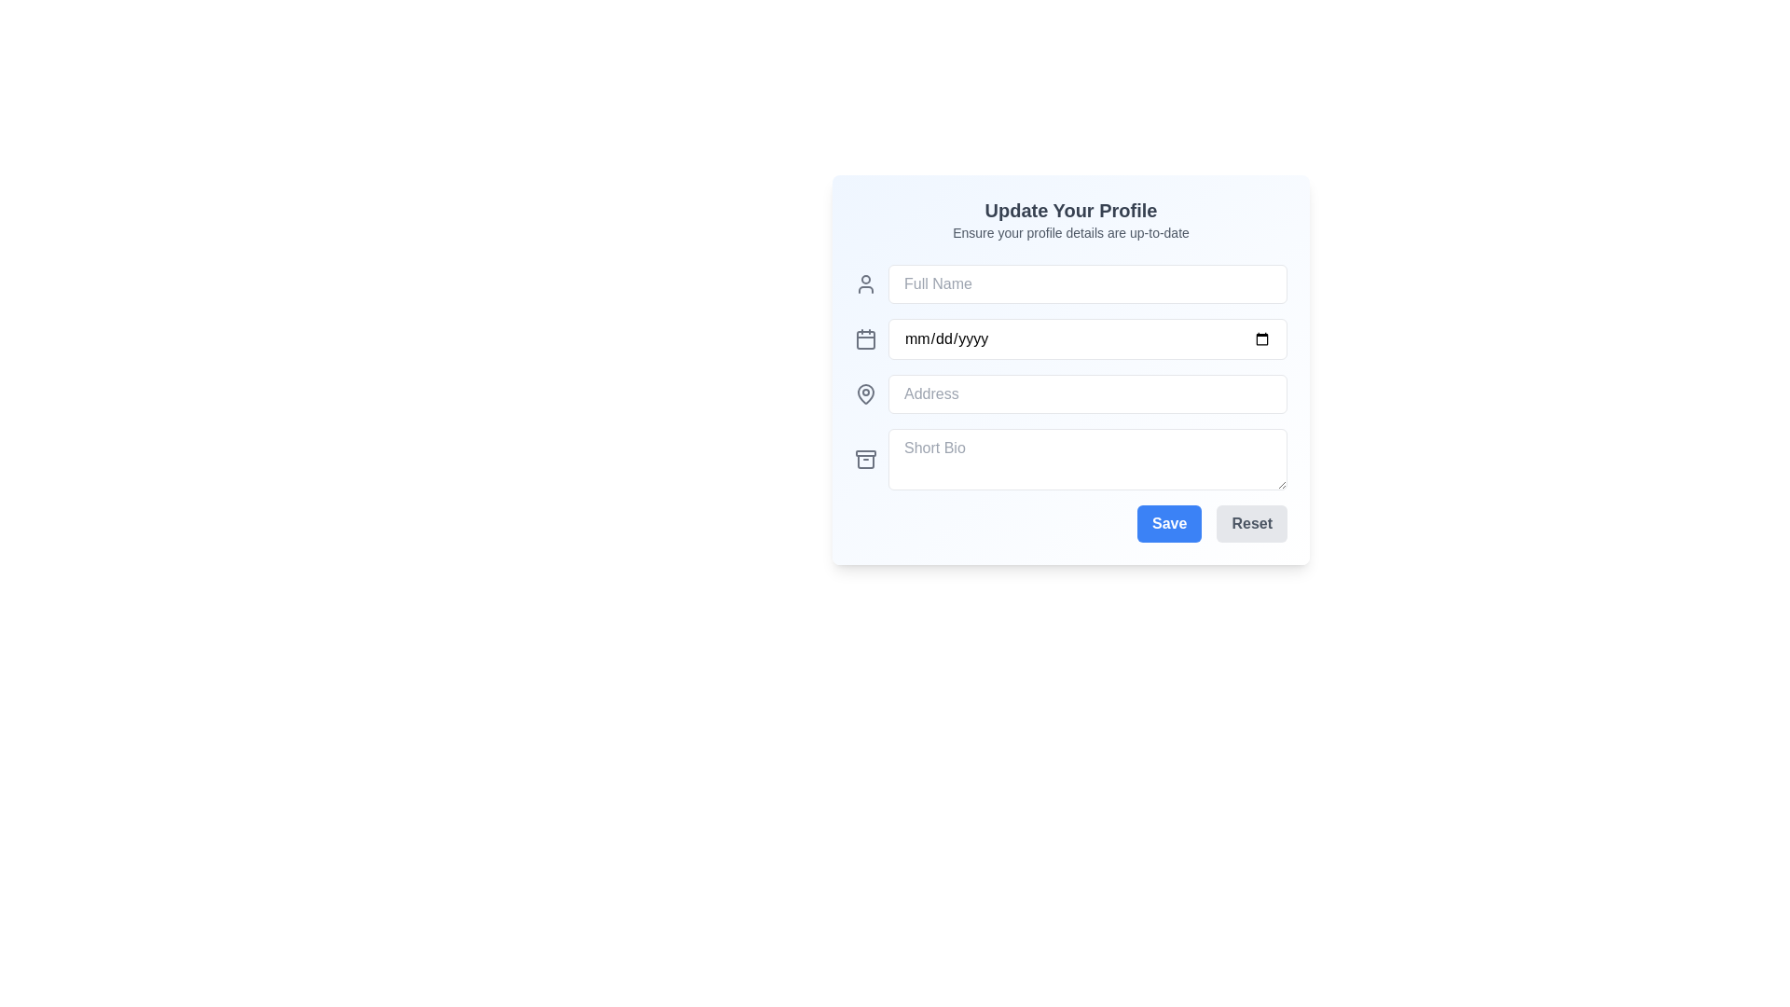 This screenshot has width=1790, height=1007. What do you see at coordinates (1252, 524) in the screenshot?
I see `the 'Reset' button, which is a rectangular button with a light gray background and darker gray text, located to the right of the 'Save' button in the bottom-right section of the form interface` at bounding box center [1252, 524].